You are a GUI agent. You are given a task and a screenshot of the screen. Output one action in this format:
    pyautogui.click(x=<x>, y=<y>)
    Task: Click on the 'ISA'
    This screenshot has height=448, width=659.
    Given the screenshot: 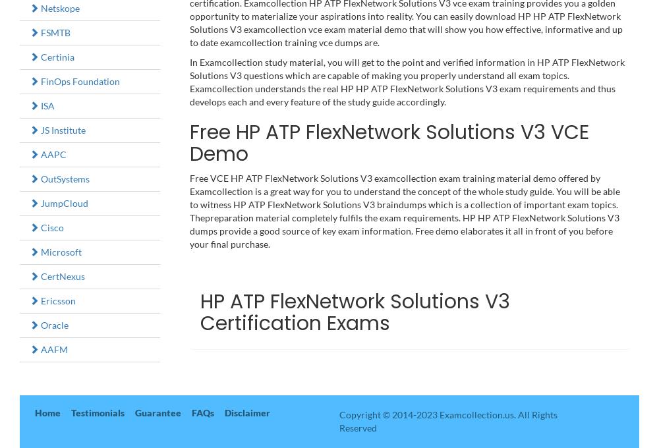 What is the action you would take?
    pyautogui.click(x=46, y=105)
    